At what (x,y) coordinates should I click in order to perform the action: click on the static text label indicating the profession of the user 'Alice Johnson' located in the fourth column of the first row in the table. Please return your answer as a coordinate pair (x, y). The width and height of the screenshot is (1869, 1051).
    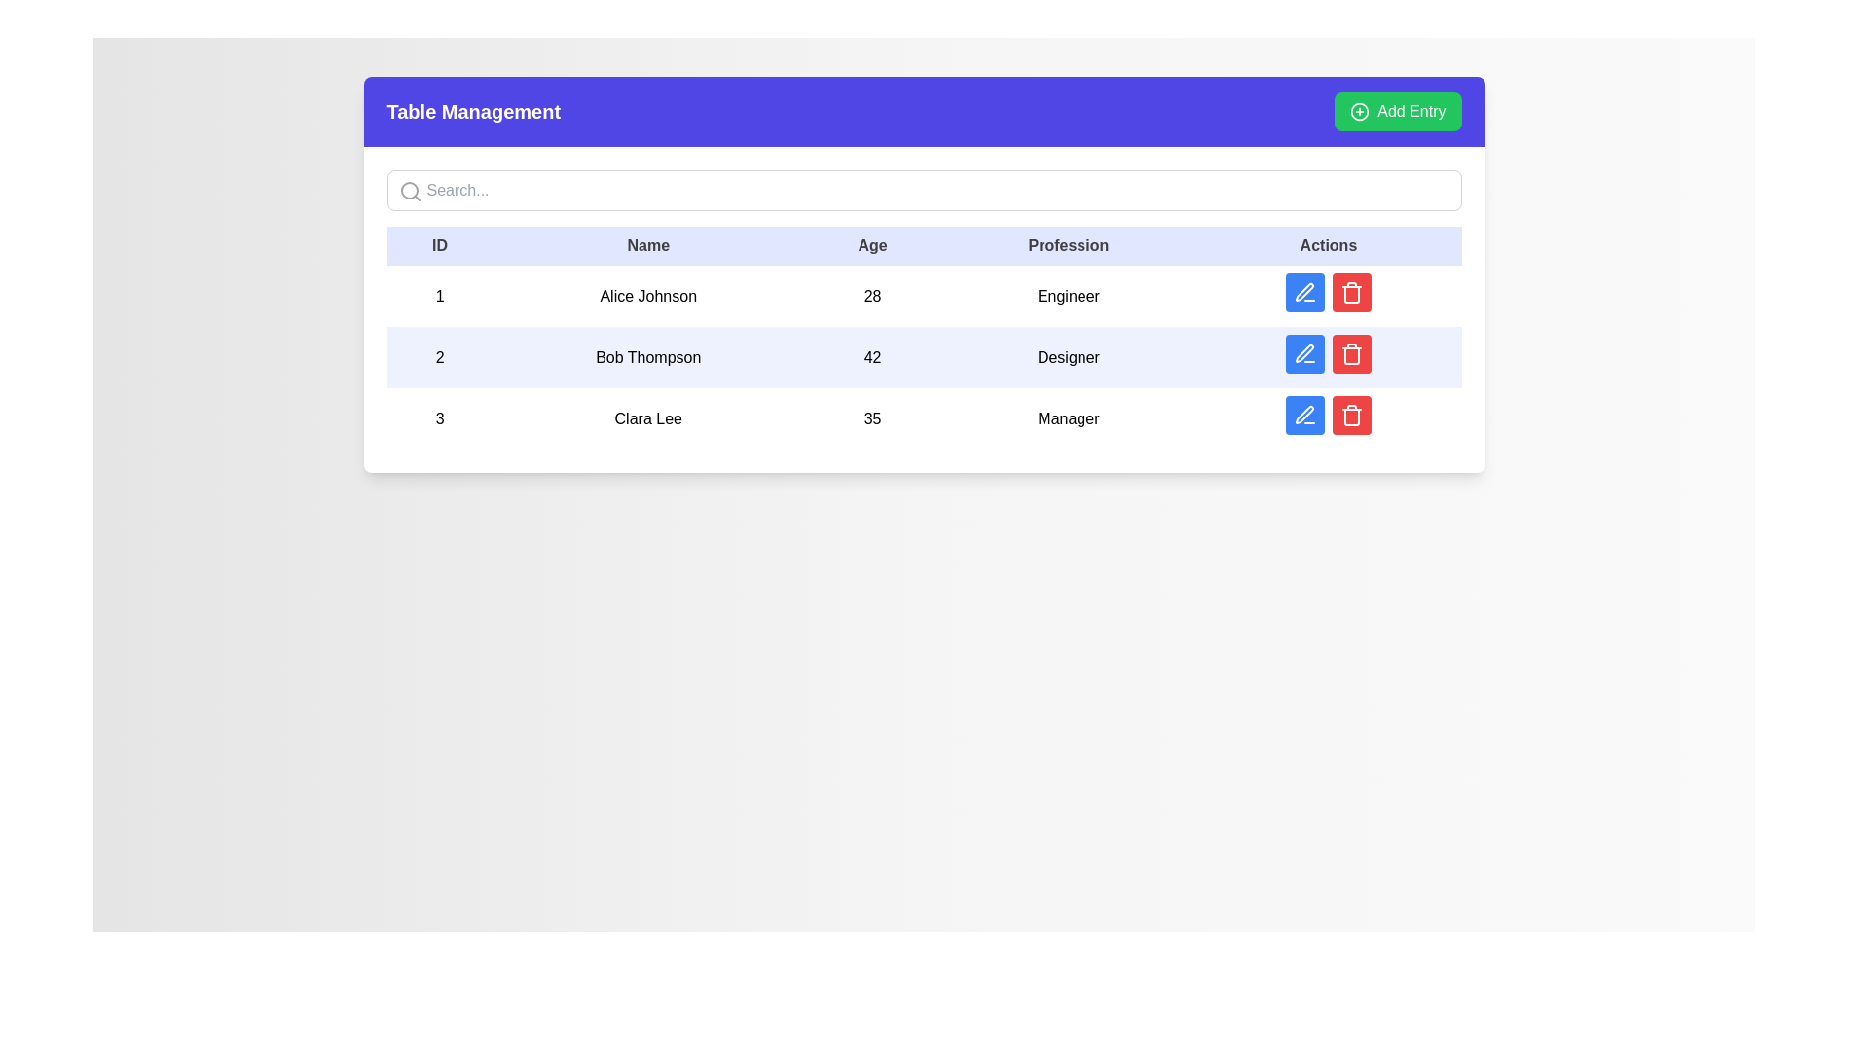
    Looking at the image, I should click on (1067, 296).